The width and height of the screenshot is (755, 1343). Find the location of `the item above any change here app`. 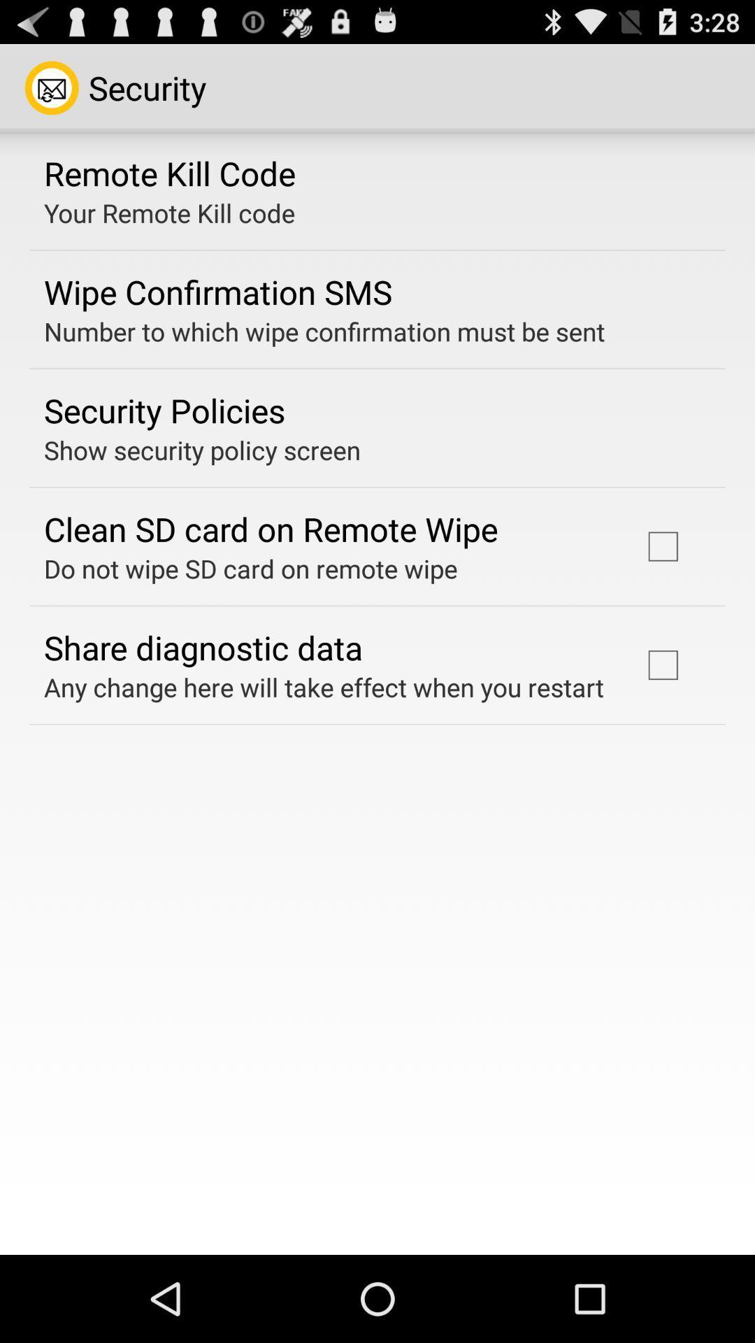

the item above any change here app is located at coordinates (203, 646).